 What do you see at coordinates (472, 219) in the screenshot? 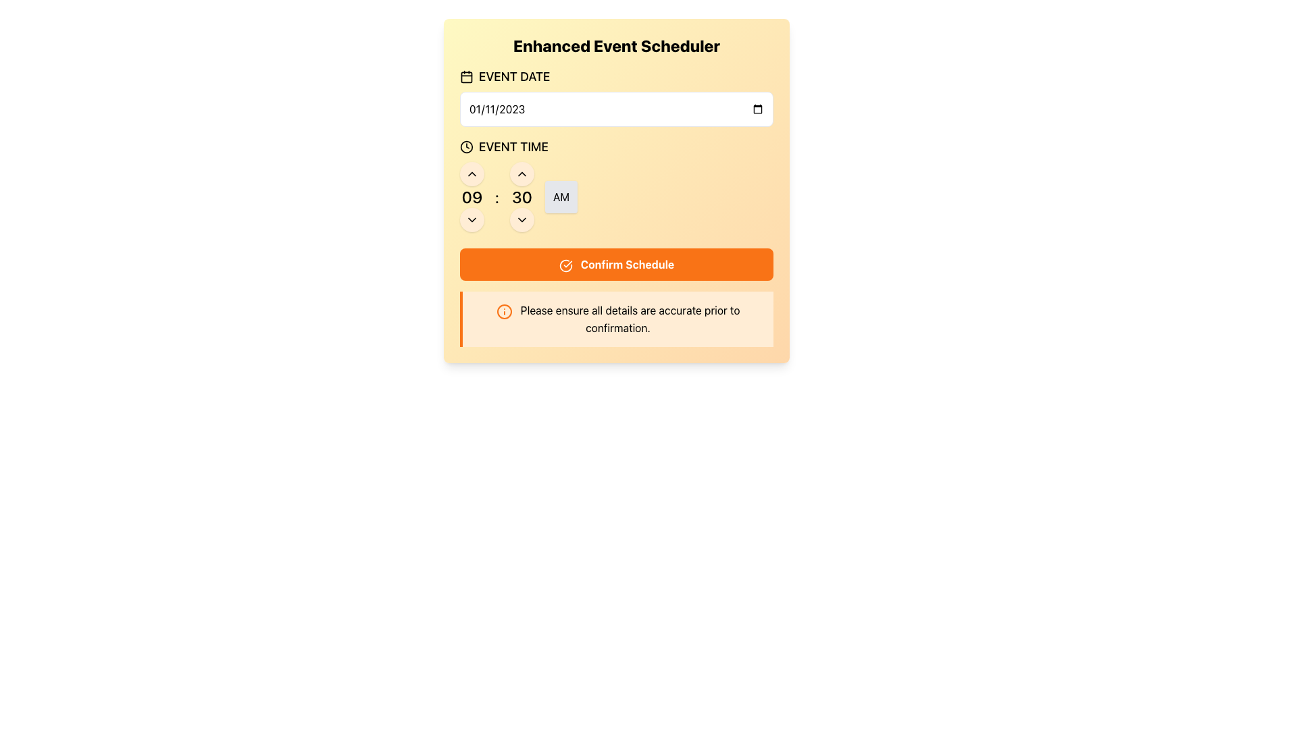
I see `the second circular button in the hour selection group of the event time picker to decrease the hour` at bounding box center [472, 219].